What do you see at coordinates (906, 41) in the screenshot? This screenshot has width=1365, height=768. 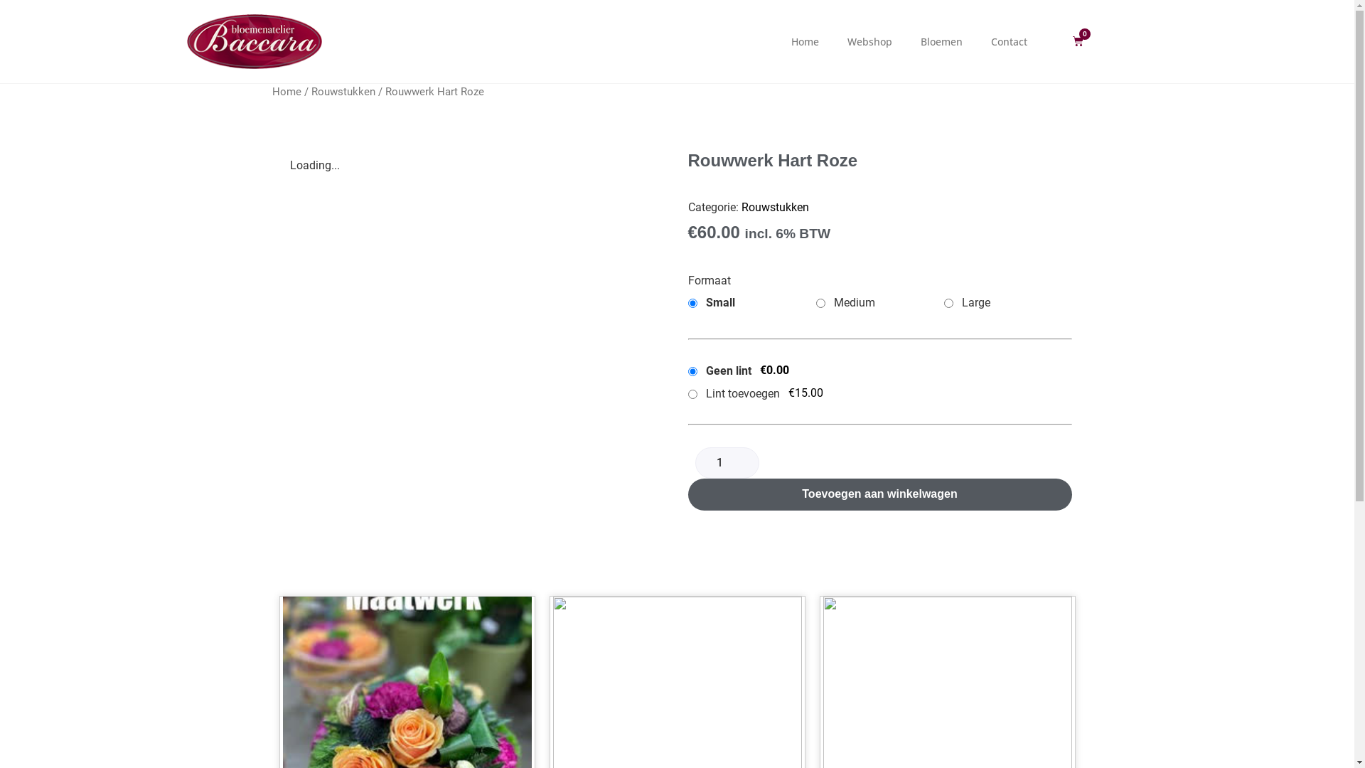 I see `'Bloemen'` at bounding box center [906, 41].